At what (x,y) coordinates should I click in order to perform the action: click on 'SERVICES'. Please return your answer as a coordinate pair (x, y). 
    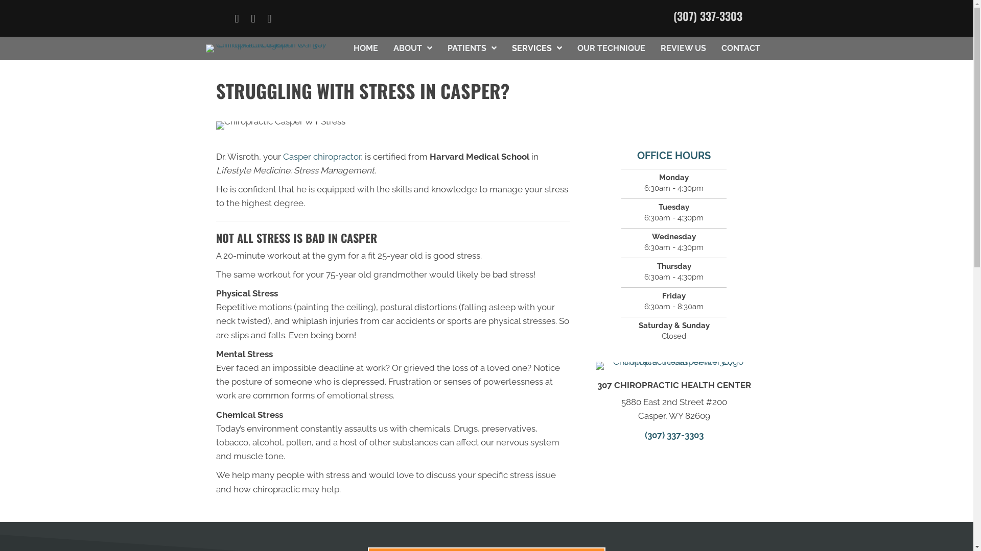
    Looking at the image, I should click on (536, 48).